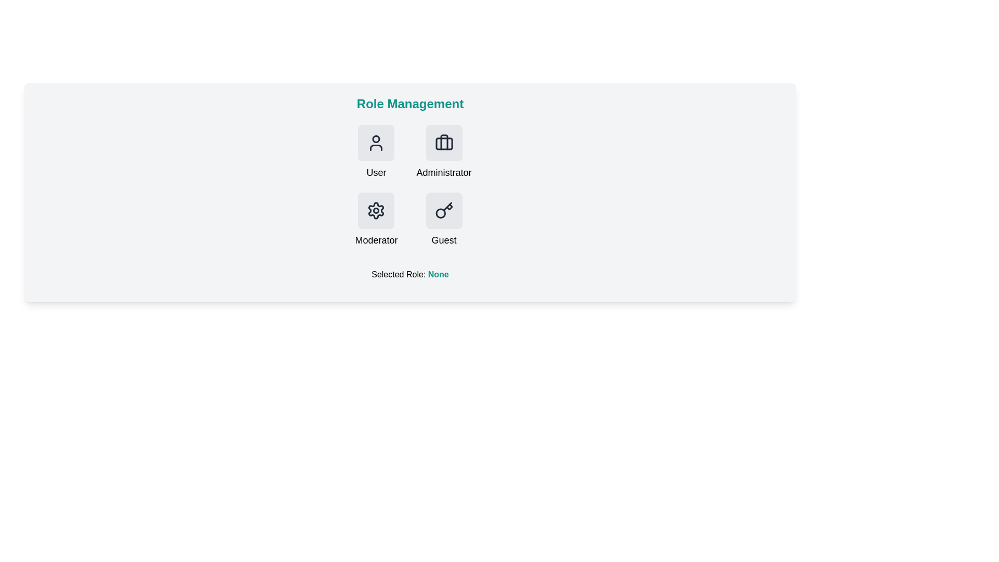 This screenshot has width=999, height=562. I want to click on the Interactive role selection button labeled 'Administrator', which features a dark briefcase icon above bold text, so click(444, 152).